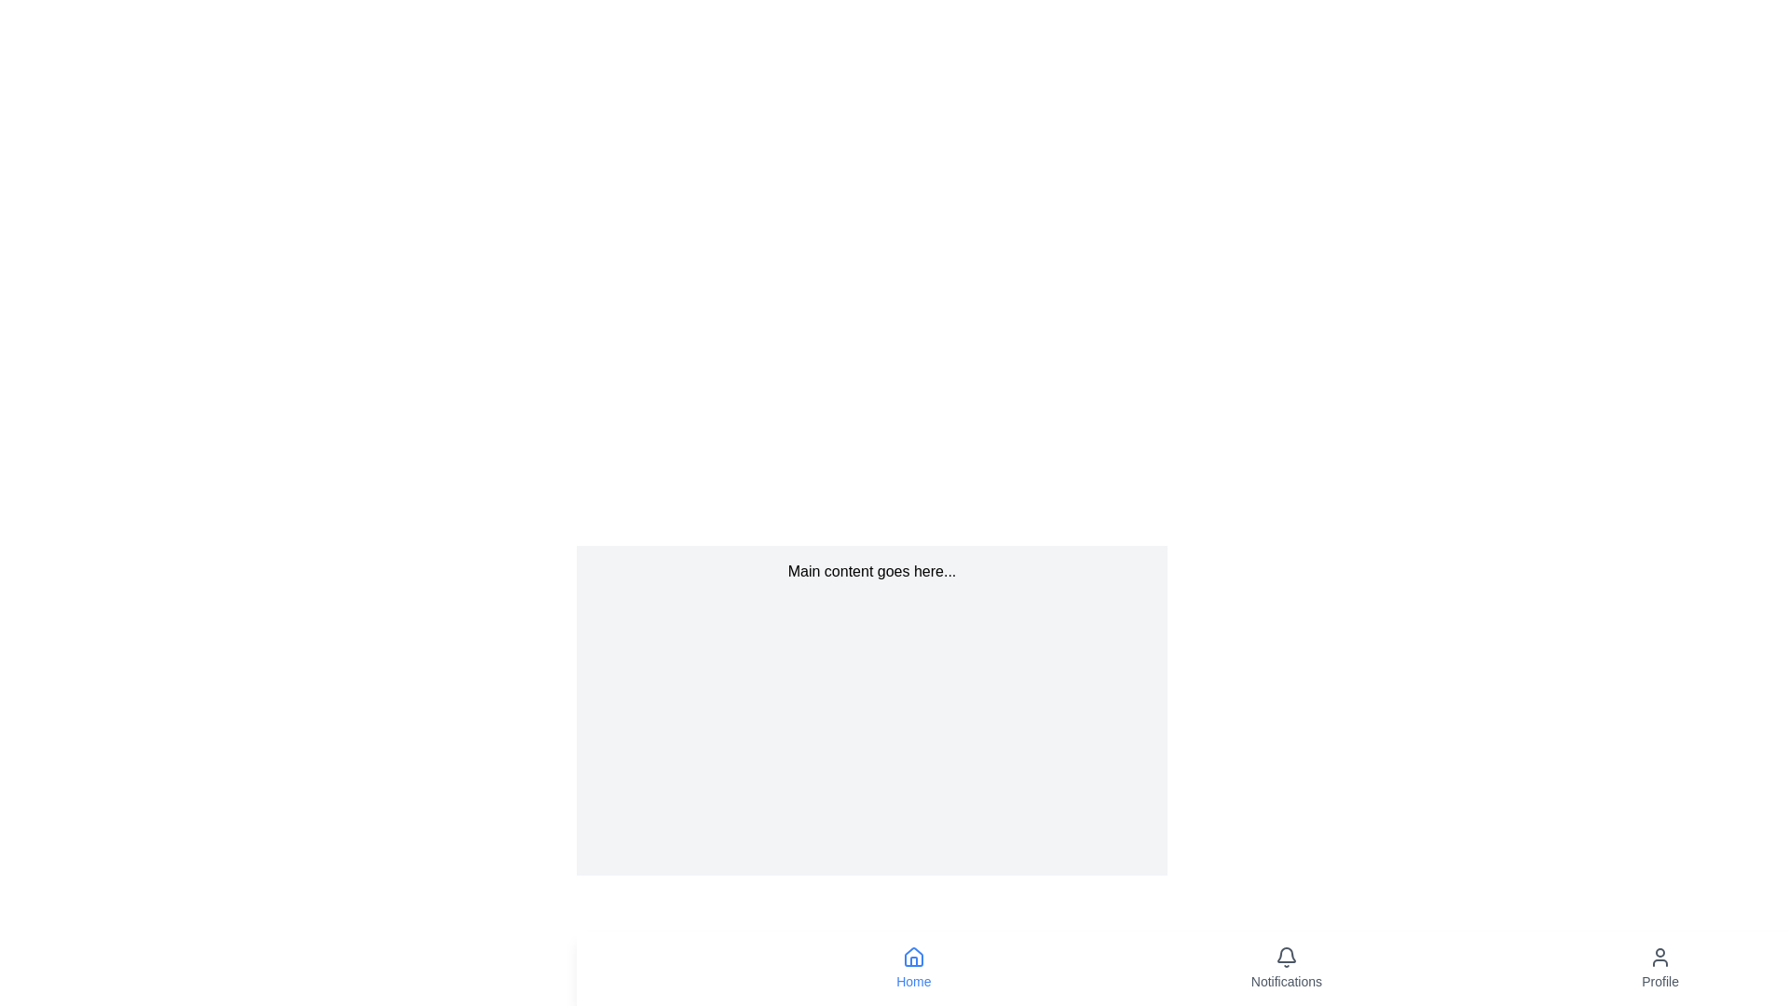 The width and height of the screenshot is (1789, 1006). I want to click on the leftmost navigation icon in the bottom navigation bar, so click(913, 958).